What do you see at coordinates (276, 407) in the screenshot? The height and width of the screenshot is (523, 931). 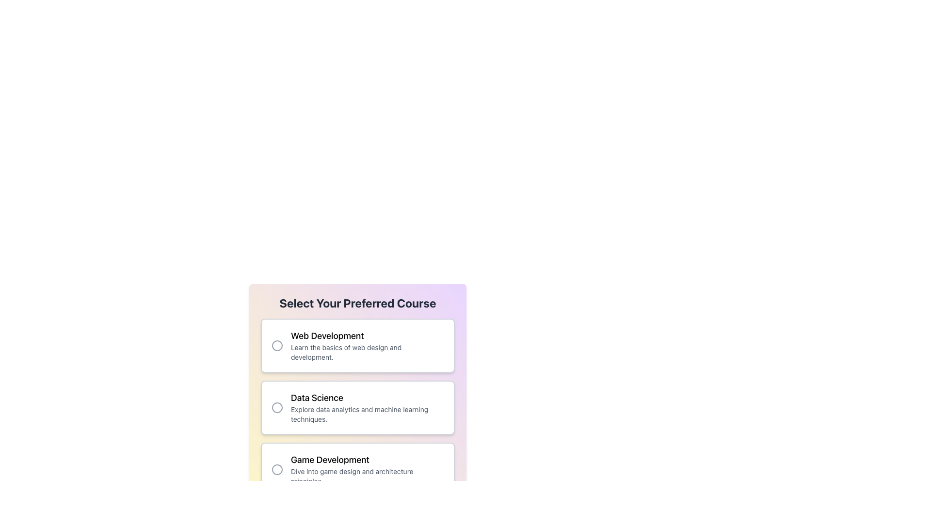 I see `the selectable radio button for 'Data Science'` at bounding box center [276, 407].